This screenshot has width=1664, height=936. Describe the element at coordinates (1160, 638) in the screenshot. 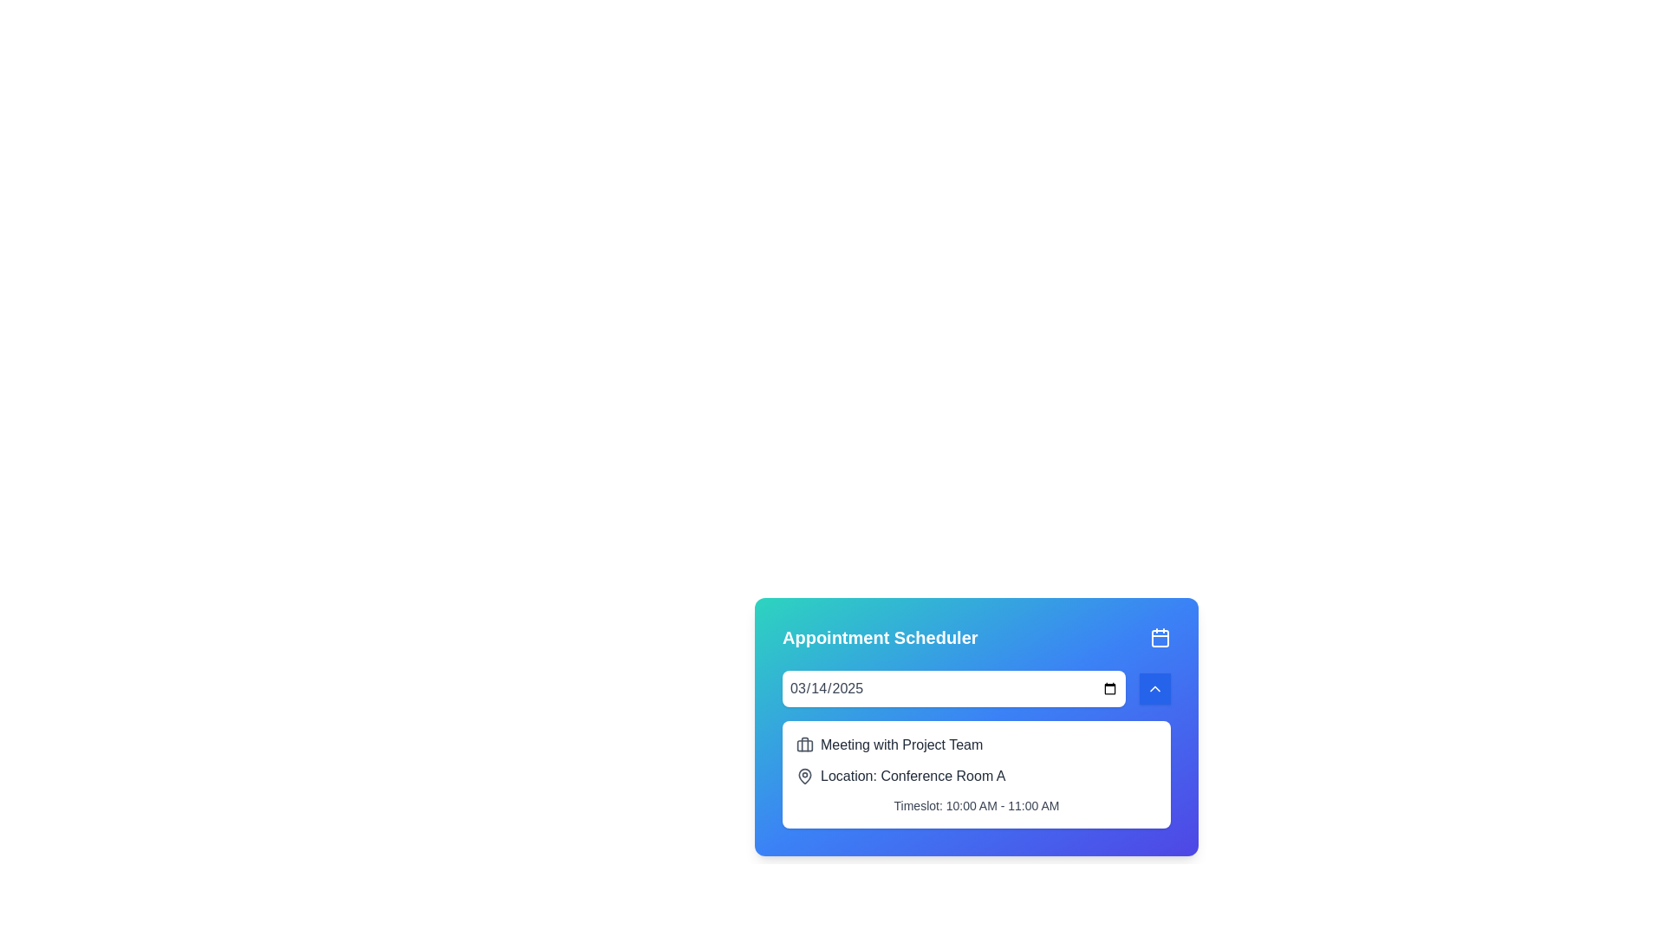

I see `the blue rectangle within the calendar icon in the top-right corner of the Appointment Scheduler interface` at that location.